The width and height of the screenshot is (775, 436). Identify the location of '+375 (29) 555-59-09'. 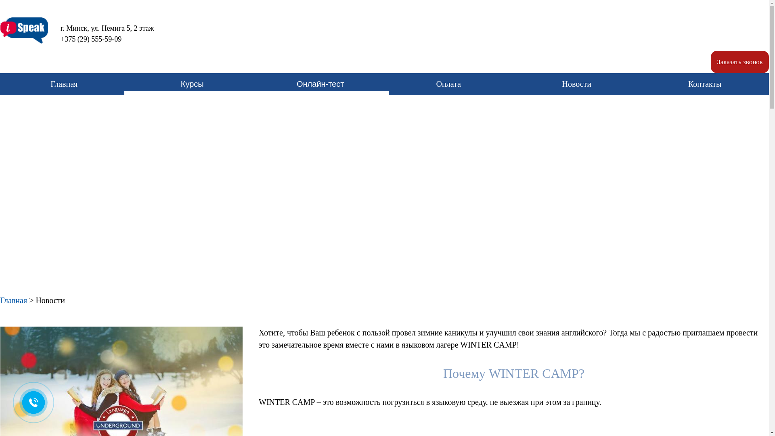
(48, 39).